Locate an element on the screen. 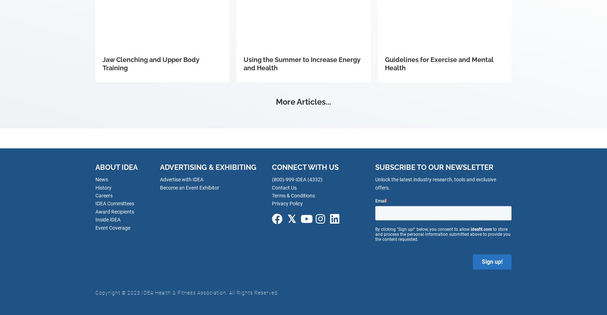 The width and height of the screenshot is (607, 315). 'Advertise with IDEA' is located at coordinates (181, 179).